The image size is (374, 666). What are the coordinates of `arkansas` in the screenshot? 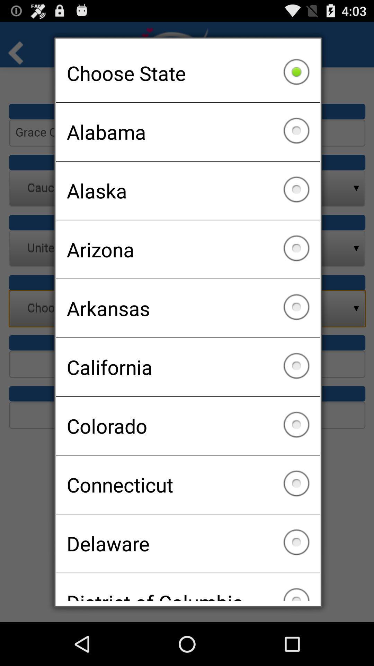 It's located at (188, 308).